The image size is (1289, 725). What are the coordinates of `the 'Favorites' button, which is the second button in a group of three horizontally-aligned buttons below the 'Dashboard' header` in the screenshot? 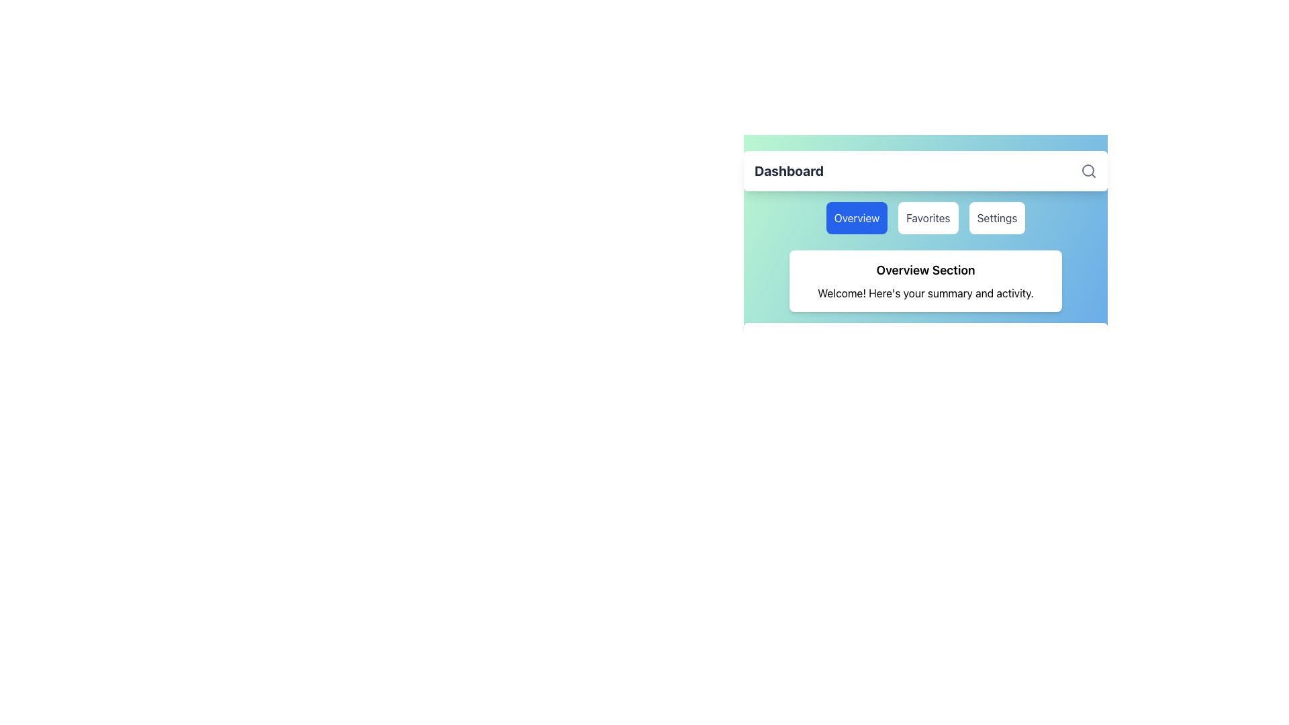 It's located at (927, 217).